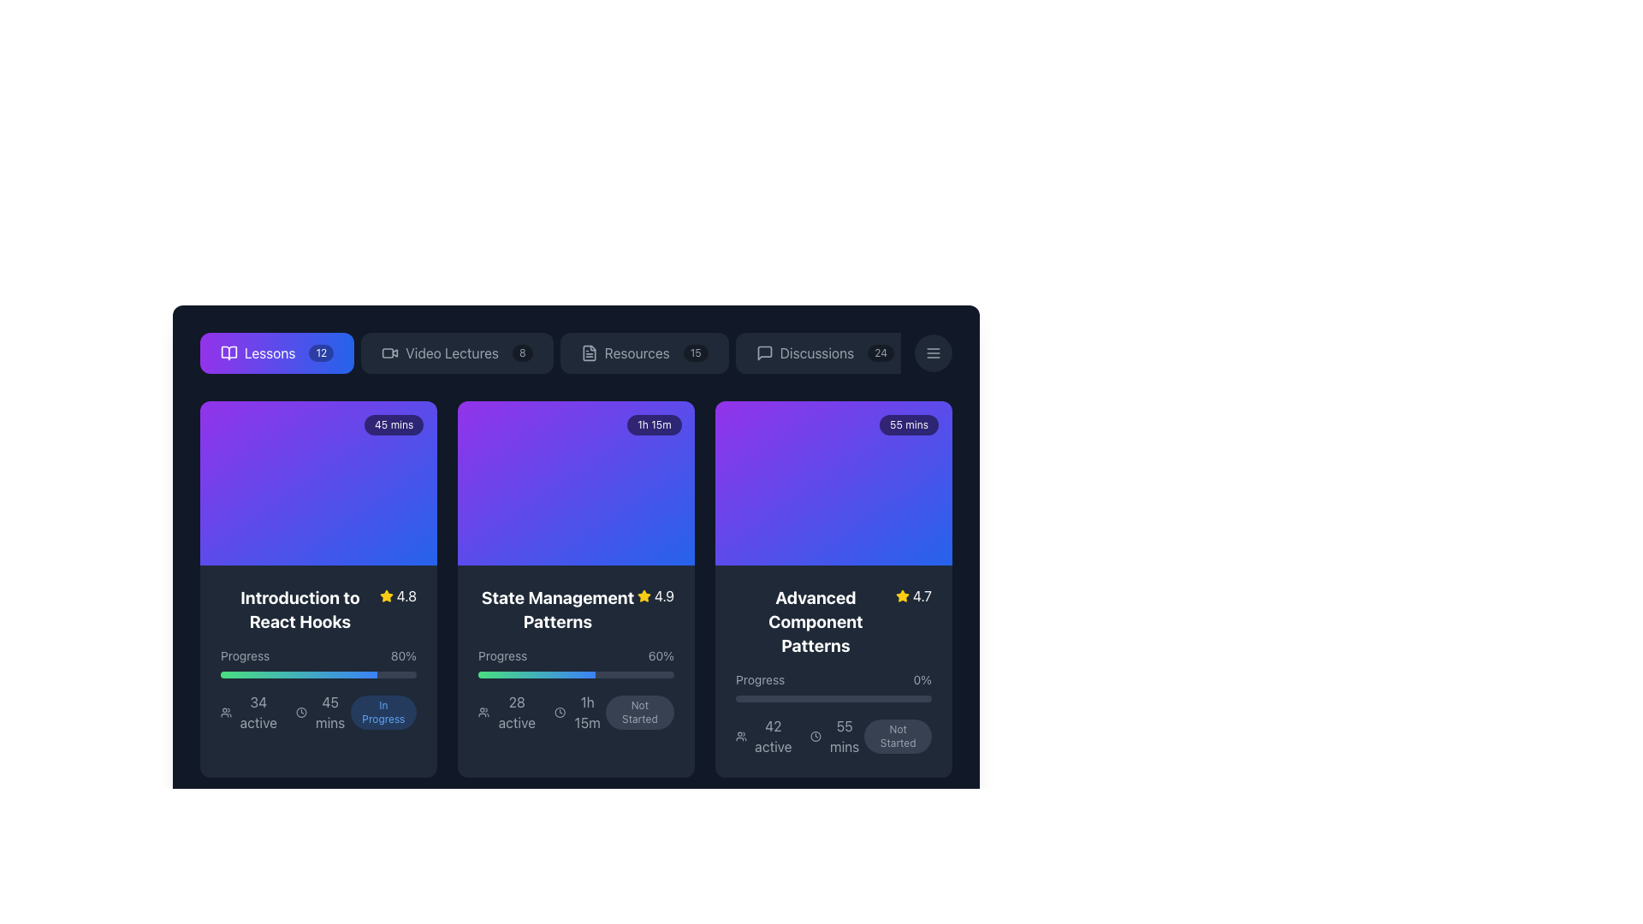 The image size is (1643, 924). What do you see at coordinates (300, 609) in the screenshot?
I see `the prominent text label displaying 'Introduction to React Hooks', which is located in the first lesson card of the 'Lessons' section, beneath the decorative purple area and above the 'Progress' bar` at bounding box center [300, 609].